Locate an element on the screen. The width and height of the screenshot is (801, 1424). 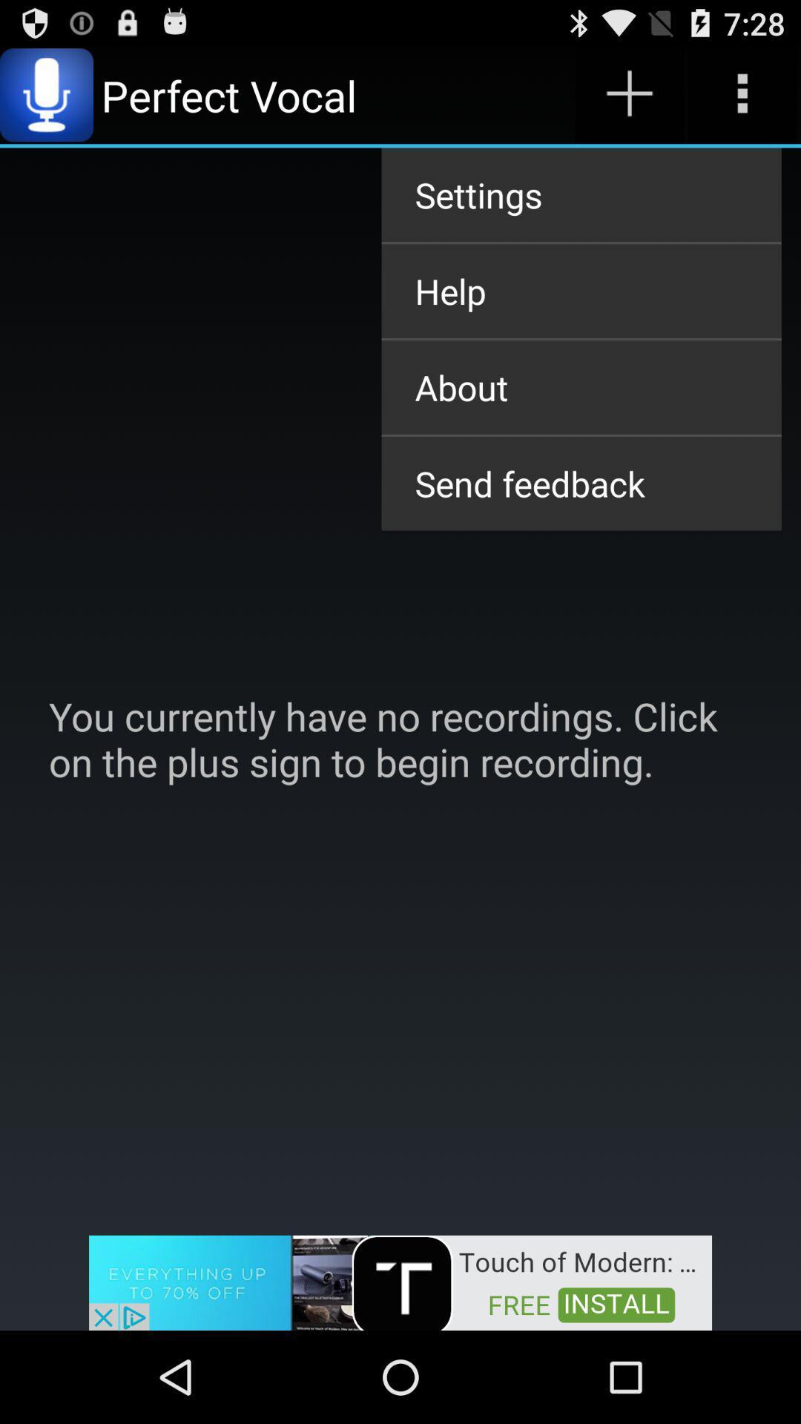
menu page is located at coordinates (742, 94).